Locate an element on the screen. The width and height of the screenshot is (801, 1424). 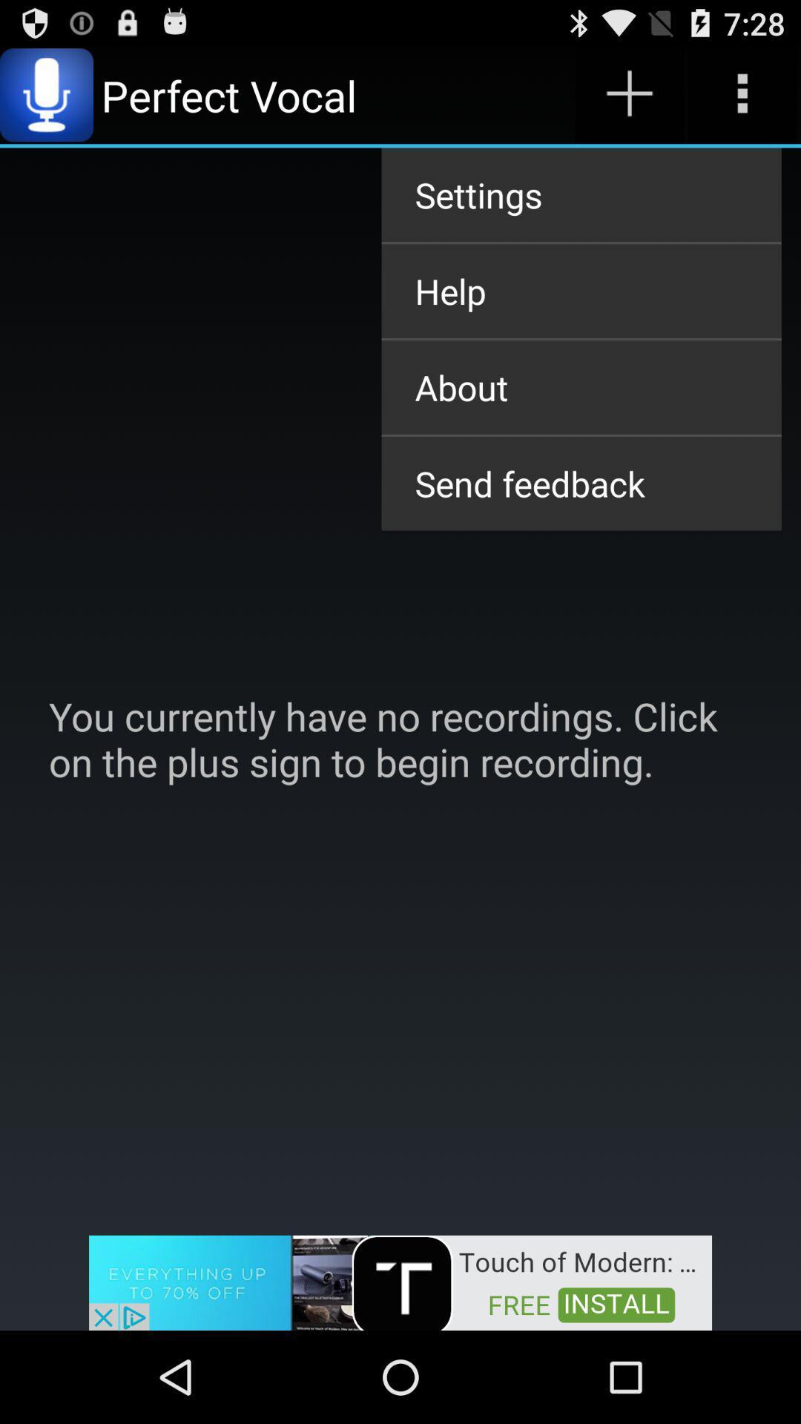
menu page is located at coordinates (742, 94).